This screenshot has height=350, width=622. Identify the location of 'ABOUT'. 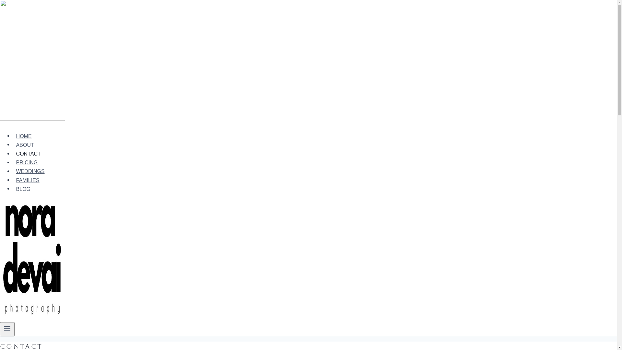
(25, 145).